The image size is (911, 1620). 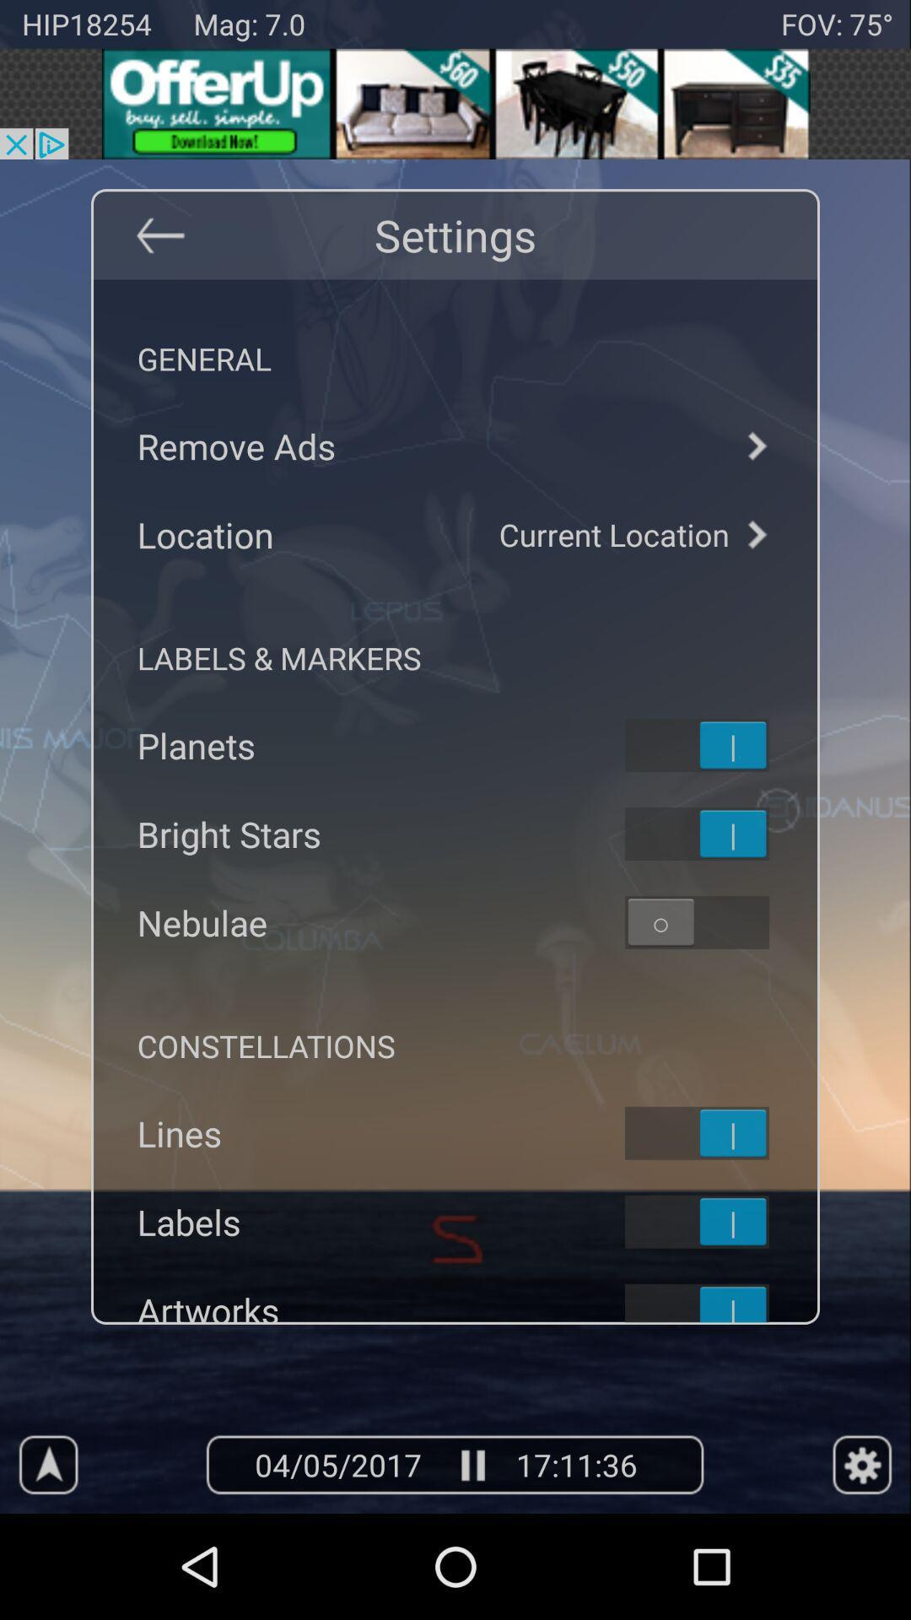 What do you see at coordinates (755, 445) in the screenshot?
I see `next option` at bounding box center [755, 445].